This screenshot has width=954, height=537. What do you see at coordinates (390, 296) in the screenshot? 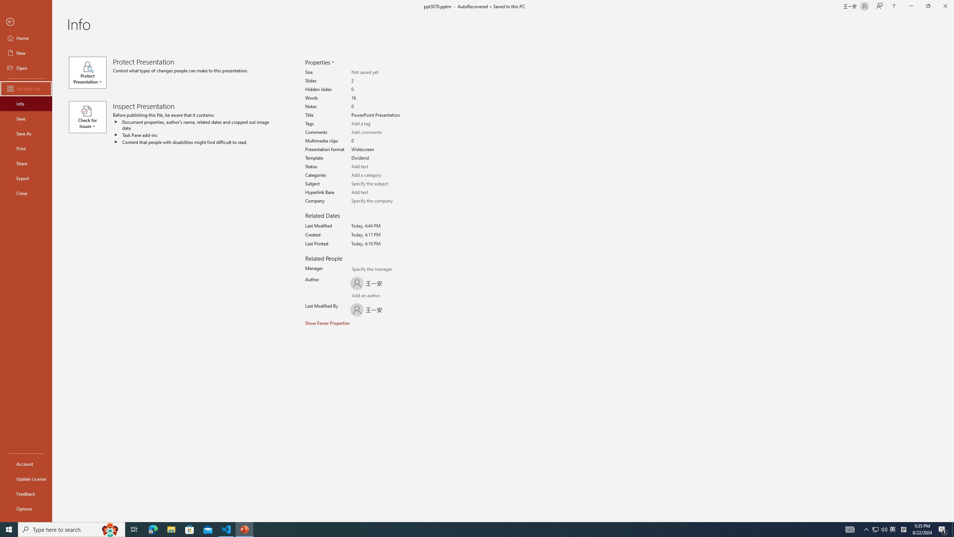
I see `'Browse Address Book'` at bounding box center [390, 296].